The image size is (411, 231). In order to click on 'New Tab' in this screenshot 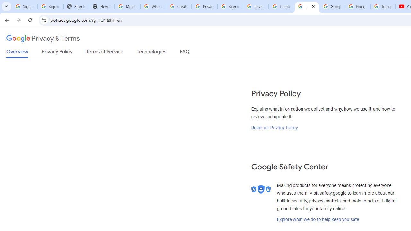, I will do `click(101, 6)`.